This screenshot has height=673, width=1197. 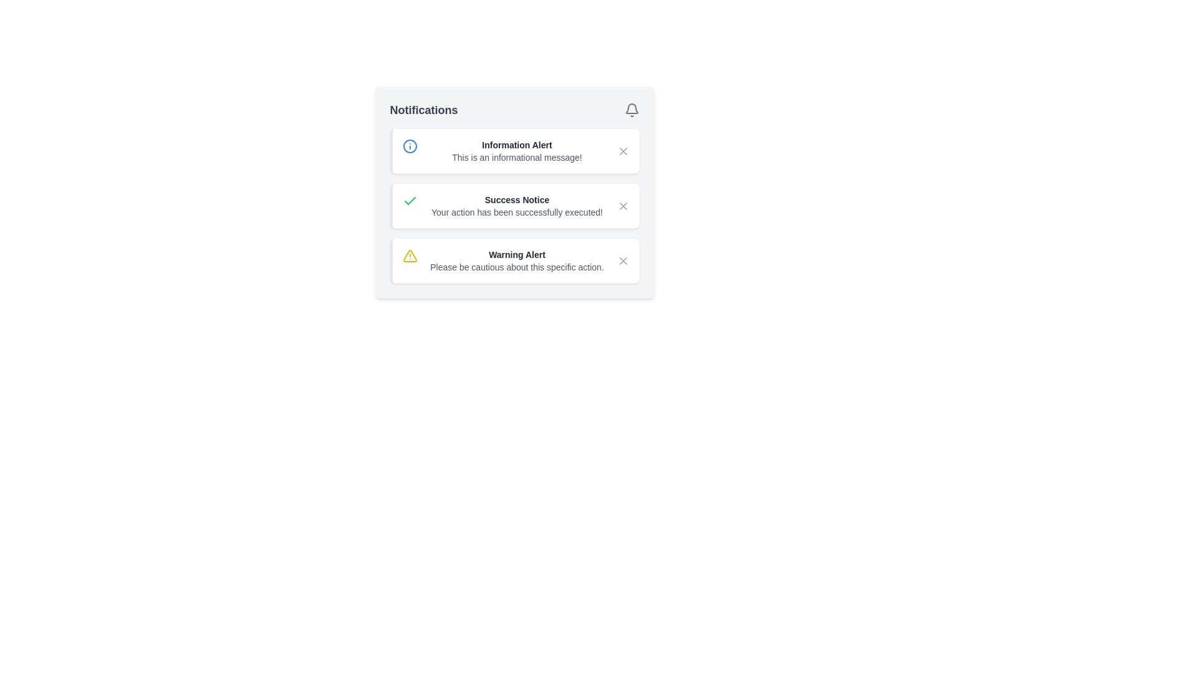 What do you see at coordinates (410, 151) in the screenshot?
I see `decorative icon located on the left side of the 'Information Alert' notification box, which visually highlights the type of message being conveyed` at bounding box center [410, 151].